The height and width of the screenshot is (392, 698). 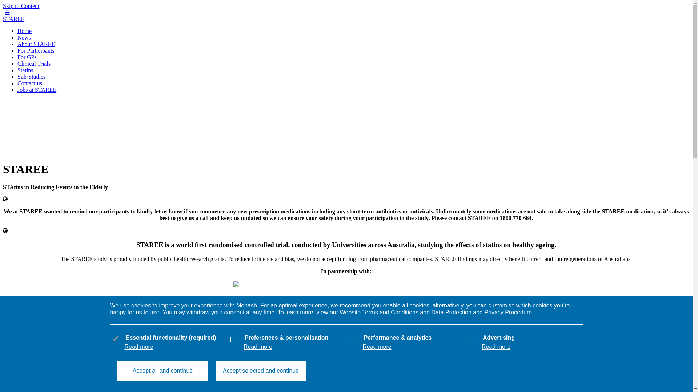 What do you see at coordinates (27, 57) in the screenshot?
I see `'For GPs'` at bounding box center [27, 57].